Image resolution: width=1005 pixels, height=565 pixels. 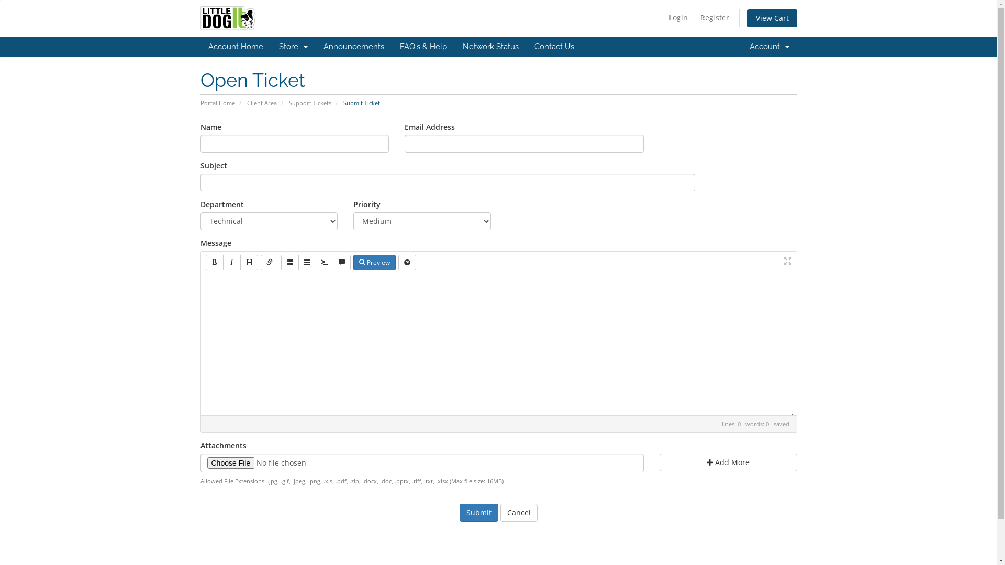 What do you see at coordinates (262, 103) in the screenshot?
I see `'Client Area'` at bounding box center [262, 103].